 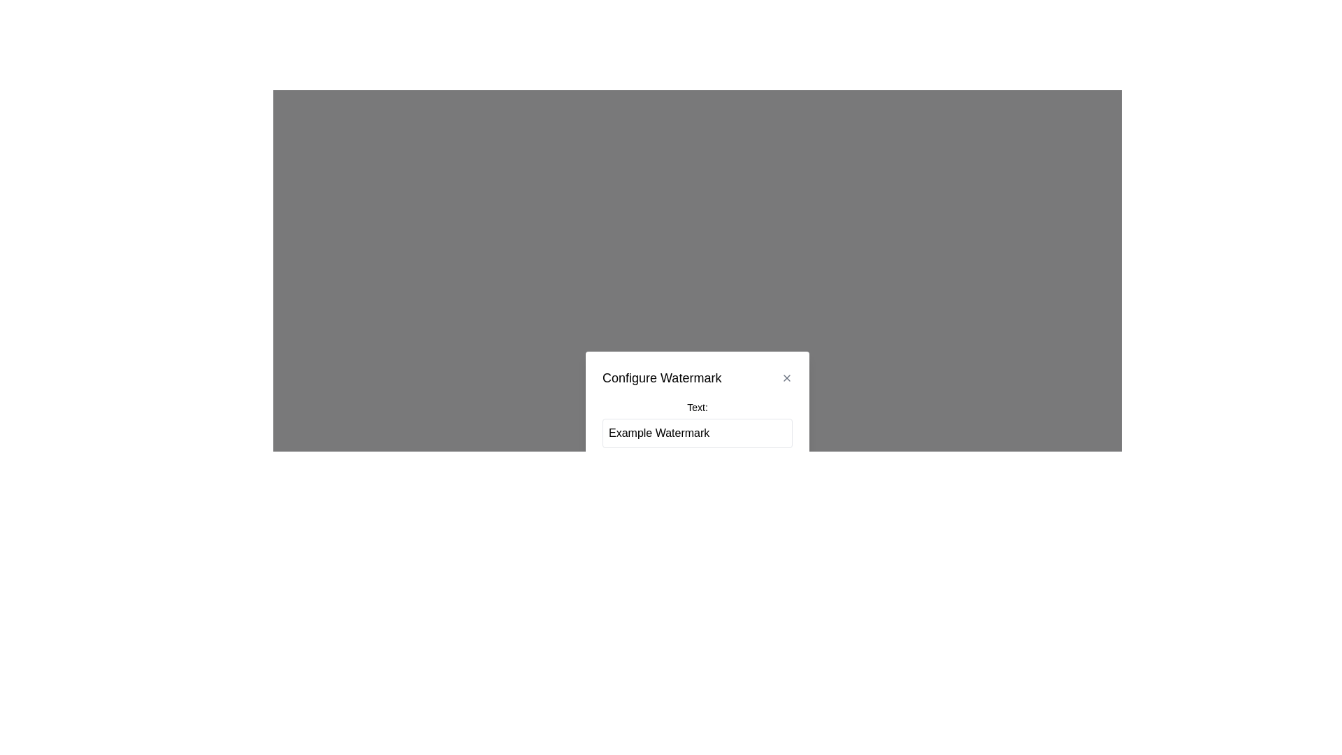 I want to click on the close (X) icon button located, so click(x=787, y=377).